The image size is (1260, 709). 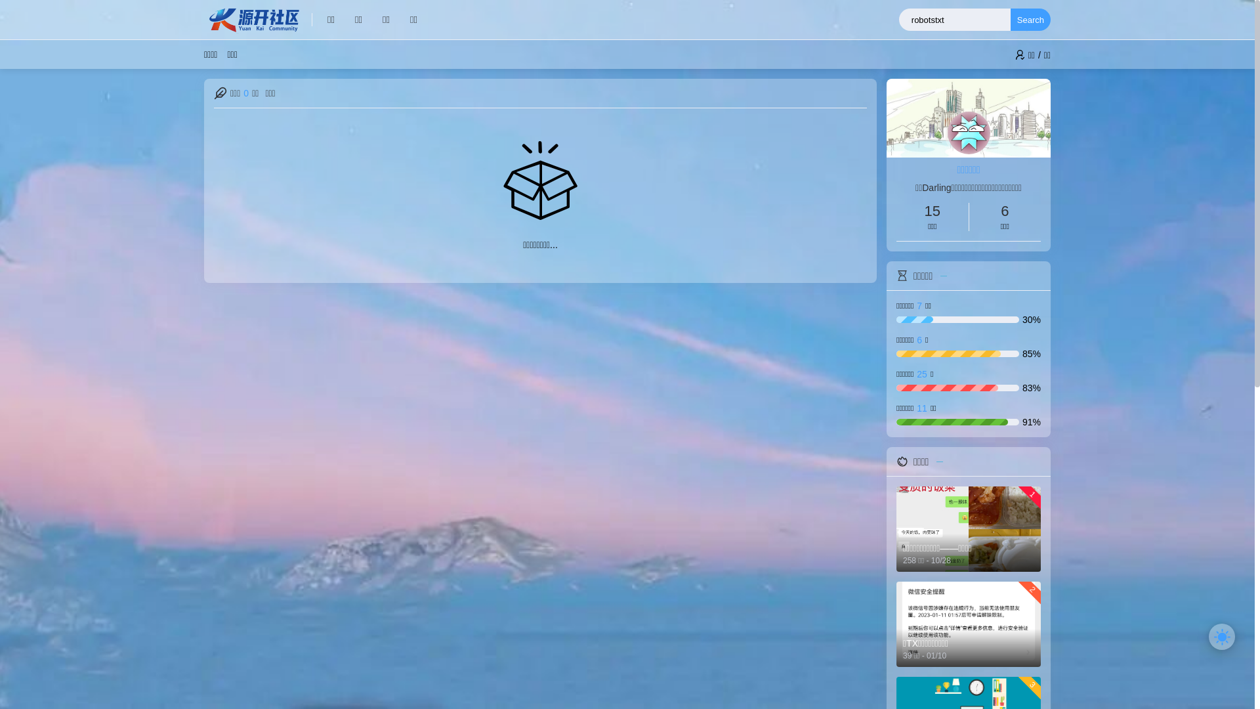 I want to click on 'Search', so click(x=1030, y=20).